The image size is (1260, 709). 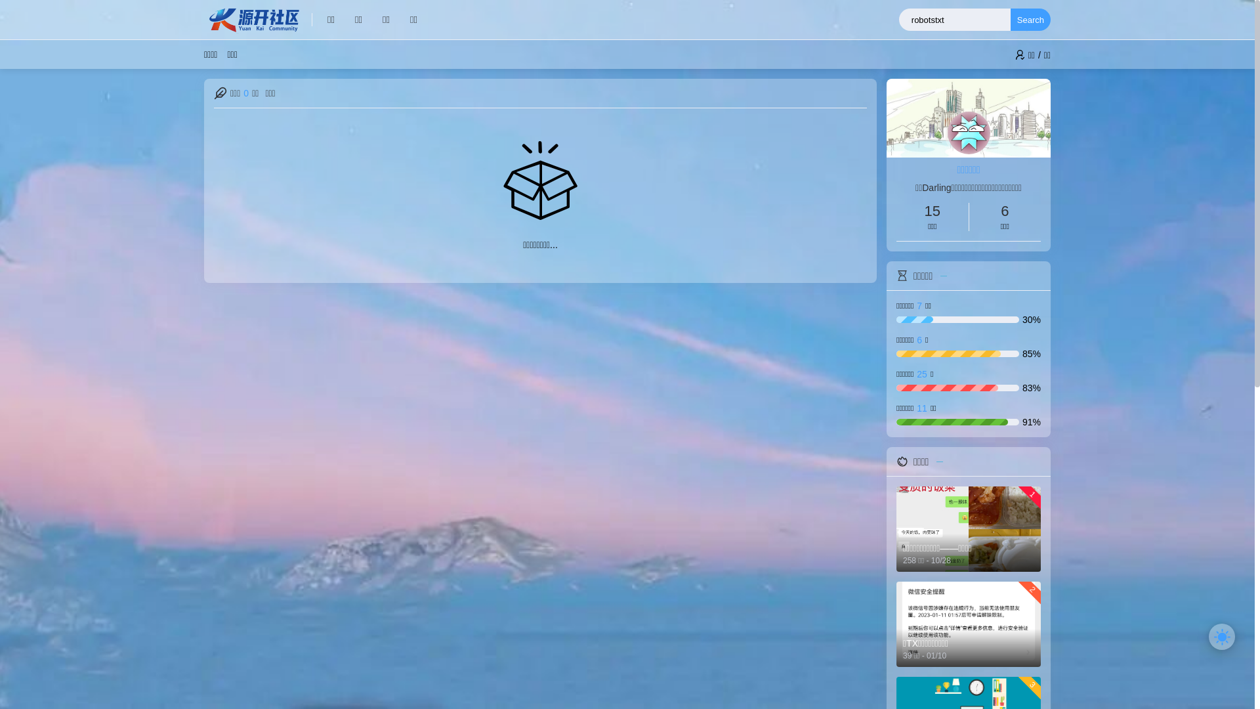 I want to click on 'Search', so click(x=1030, y=20).